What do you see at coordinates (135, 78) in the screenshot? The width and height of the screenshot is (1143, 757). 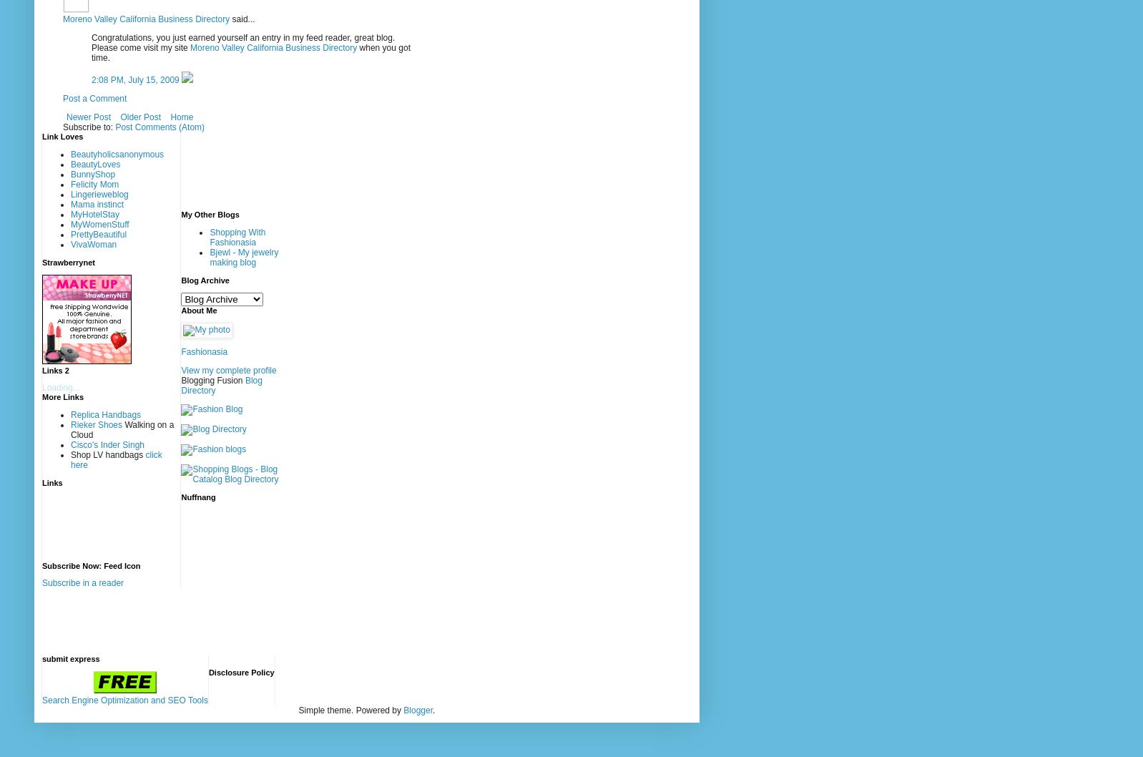 I see `'2:08 PM, July 15, 2009'` at bounding box center [135, 78].